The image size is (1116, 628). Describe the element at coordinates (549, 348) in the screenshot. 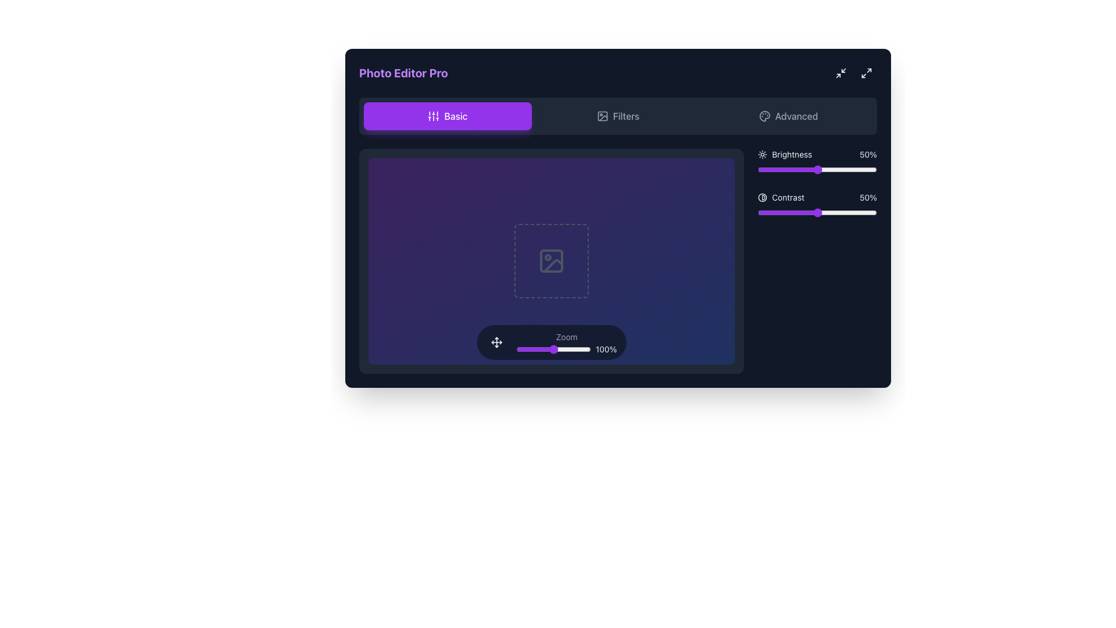

I see `the zoom level` at that location.